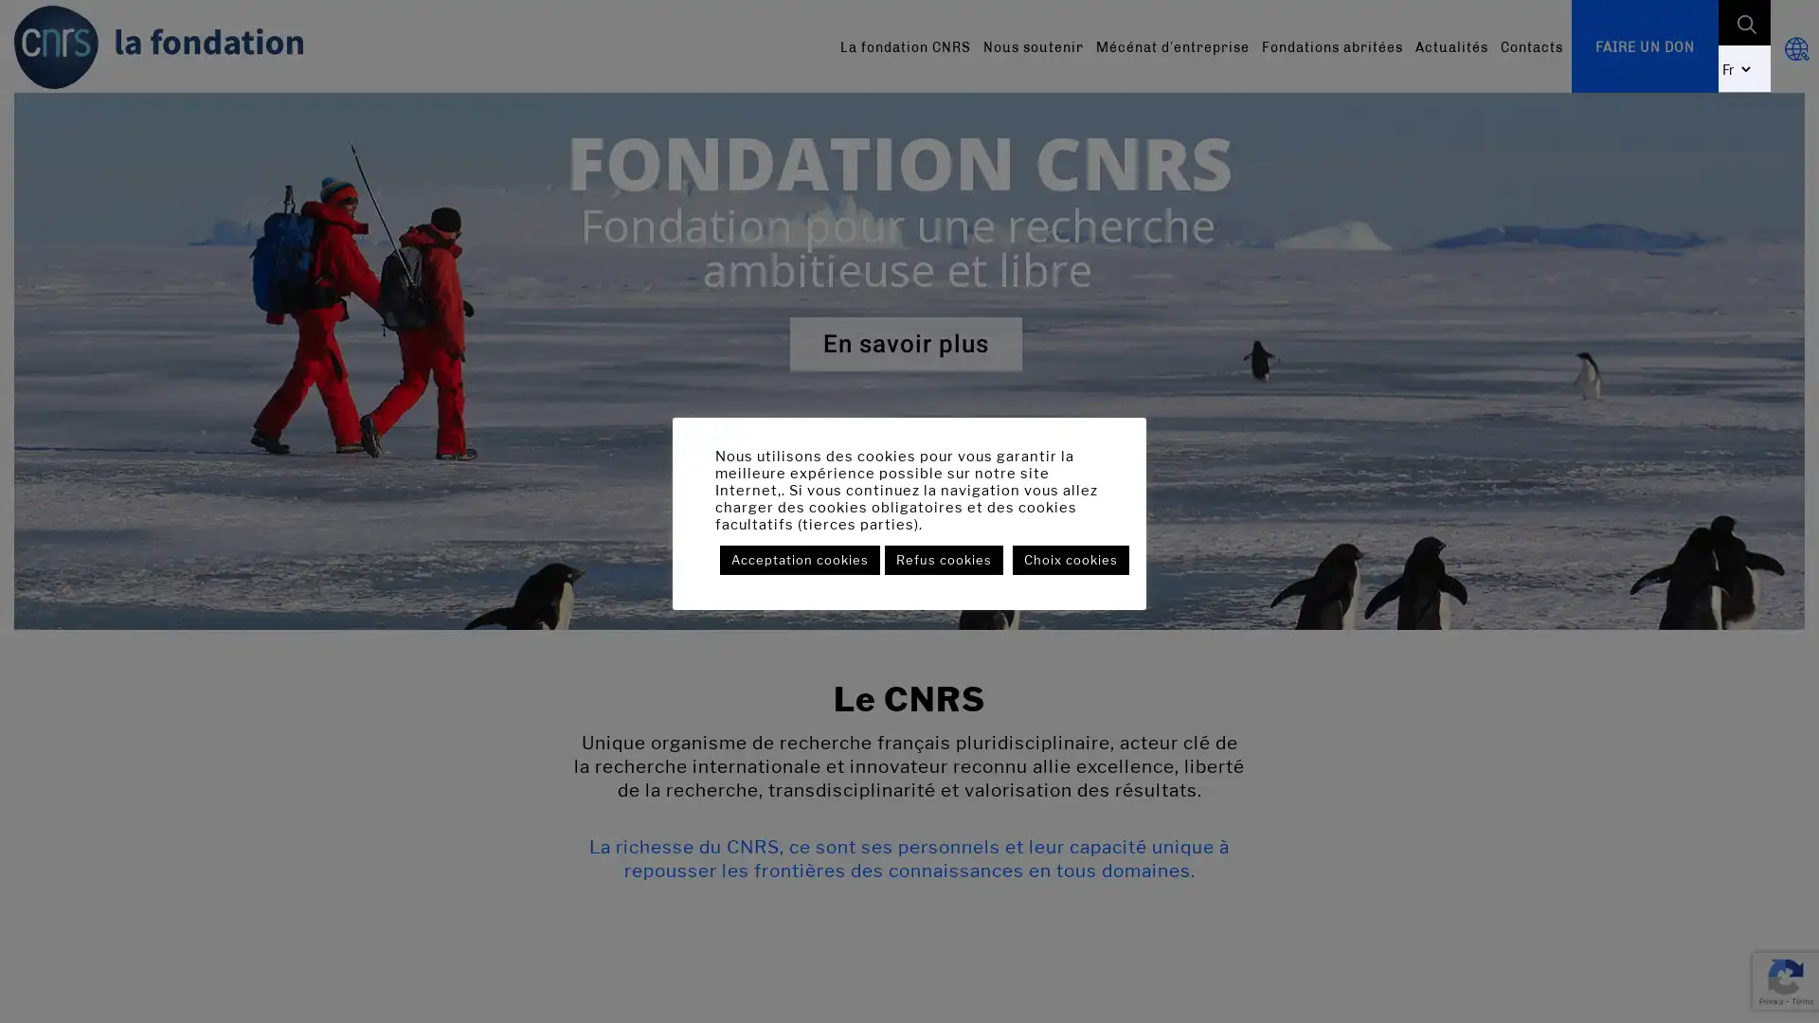 The height and width of the screenshot is (1023, 1819). Describe the element at coordinates (800, 558) in the screenshot. I see `Acceptation cookies` at that location.